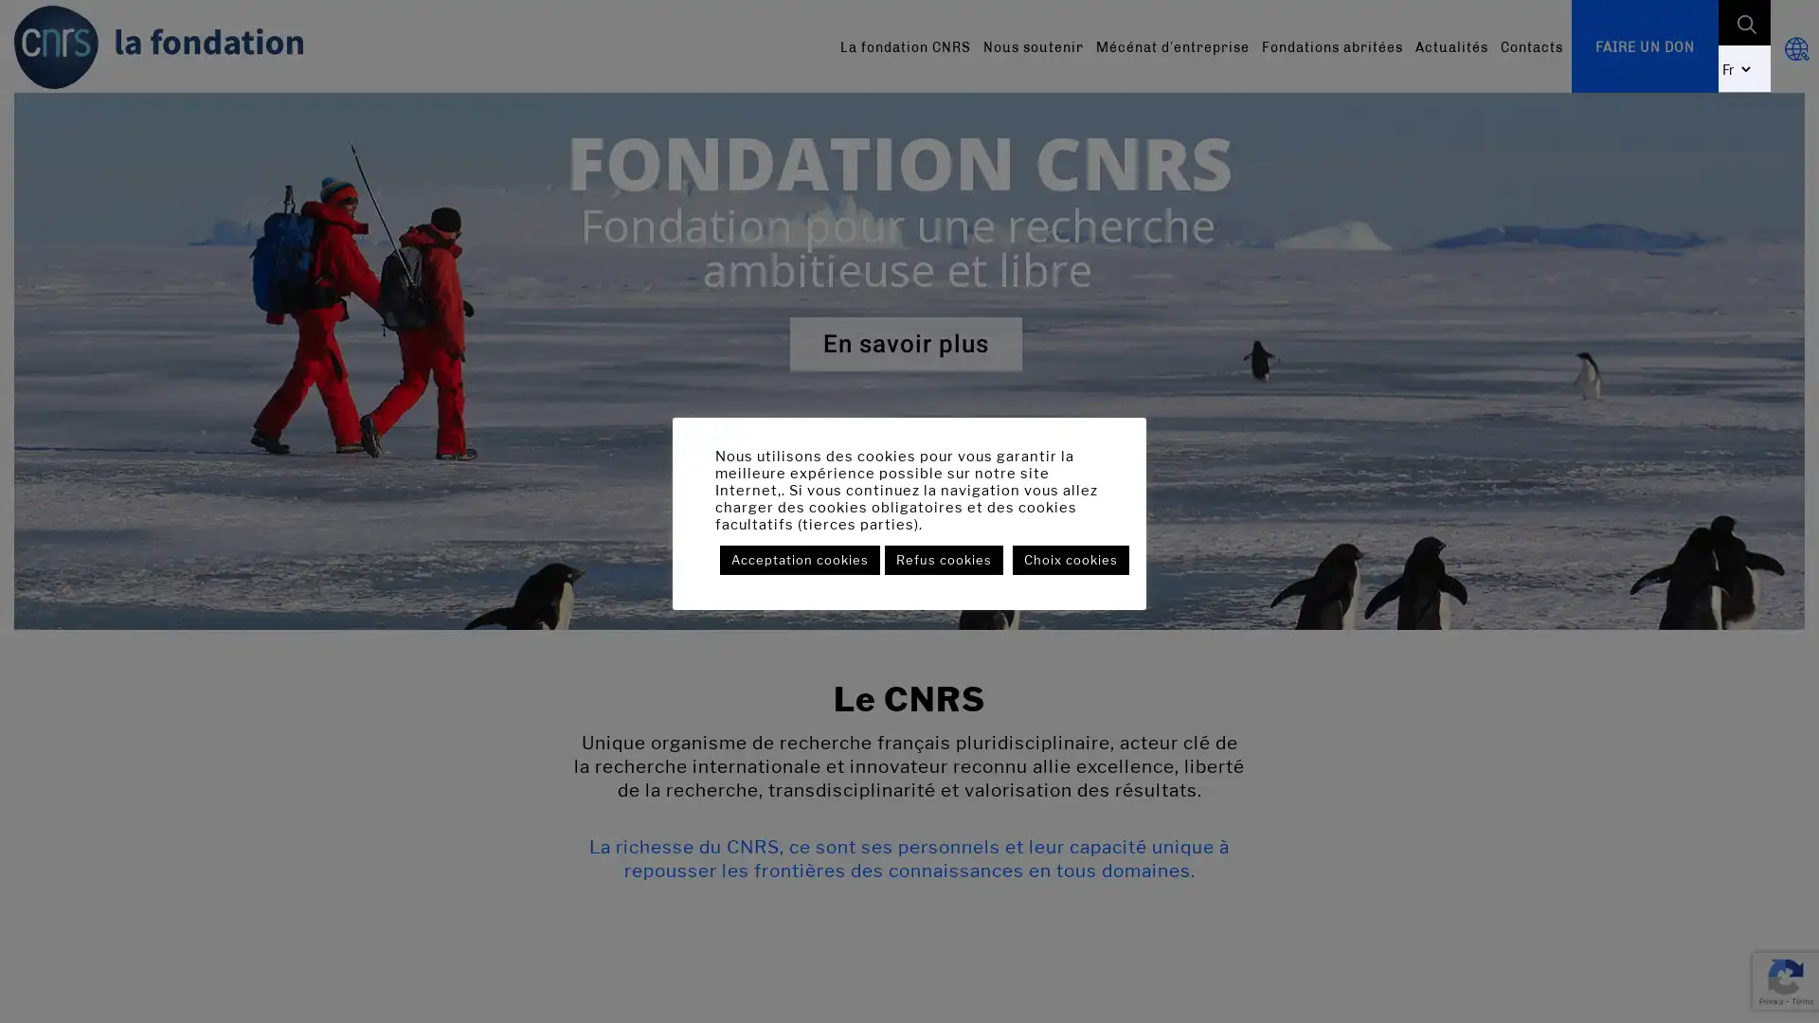 The height and width of the screenshot is (1023, 1819). Describe the element at coordinates (800, 558) in the screenshot. I see `Acceptation cookies` at that location.